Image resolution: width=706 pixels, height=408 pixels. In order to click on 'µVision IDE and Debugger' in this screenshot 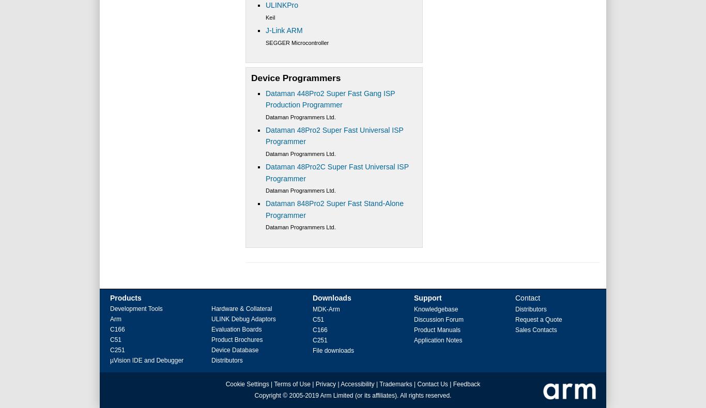, I will do `click(109, 359)`.